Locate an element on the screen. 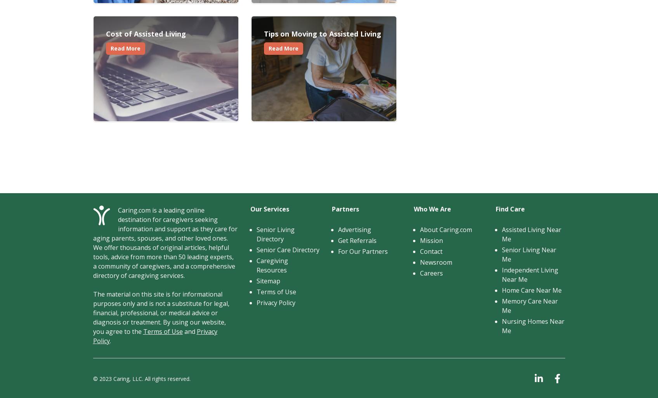 Image resolution: width=658 pixels, height=398 pixels. 'Tips on Moving to Assisted Living' is located at coordinates (264, 34).